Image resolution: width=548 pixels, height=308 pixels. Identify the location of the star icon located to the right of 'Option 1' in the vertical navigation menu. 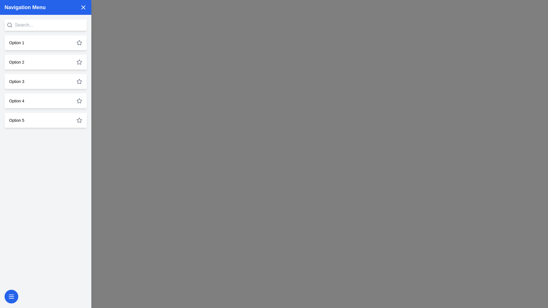
(79, 42).